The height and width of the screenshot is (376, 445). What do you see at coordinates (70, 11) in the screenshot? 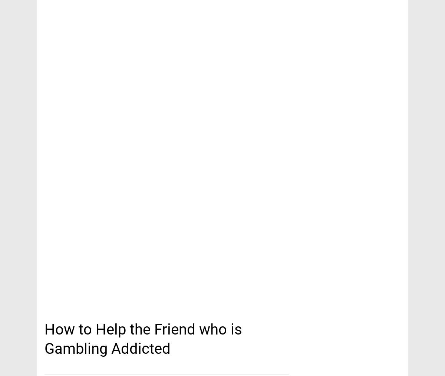
I see `'Yono Cash'` at bounding box center [70, 11].